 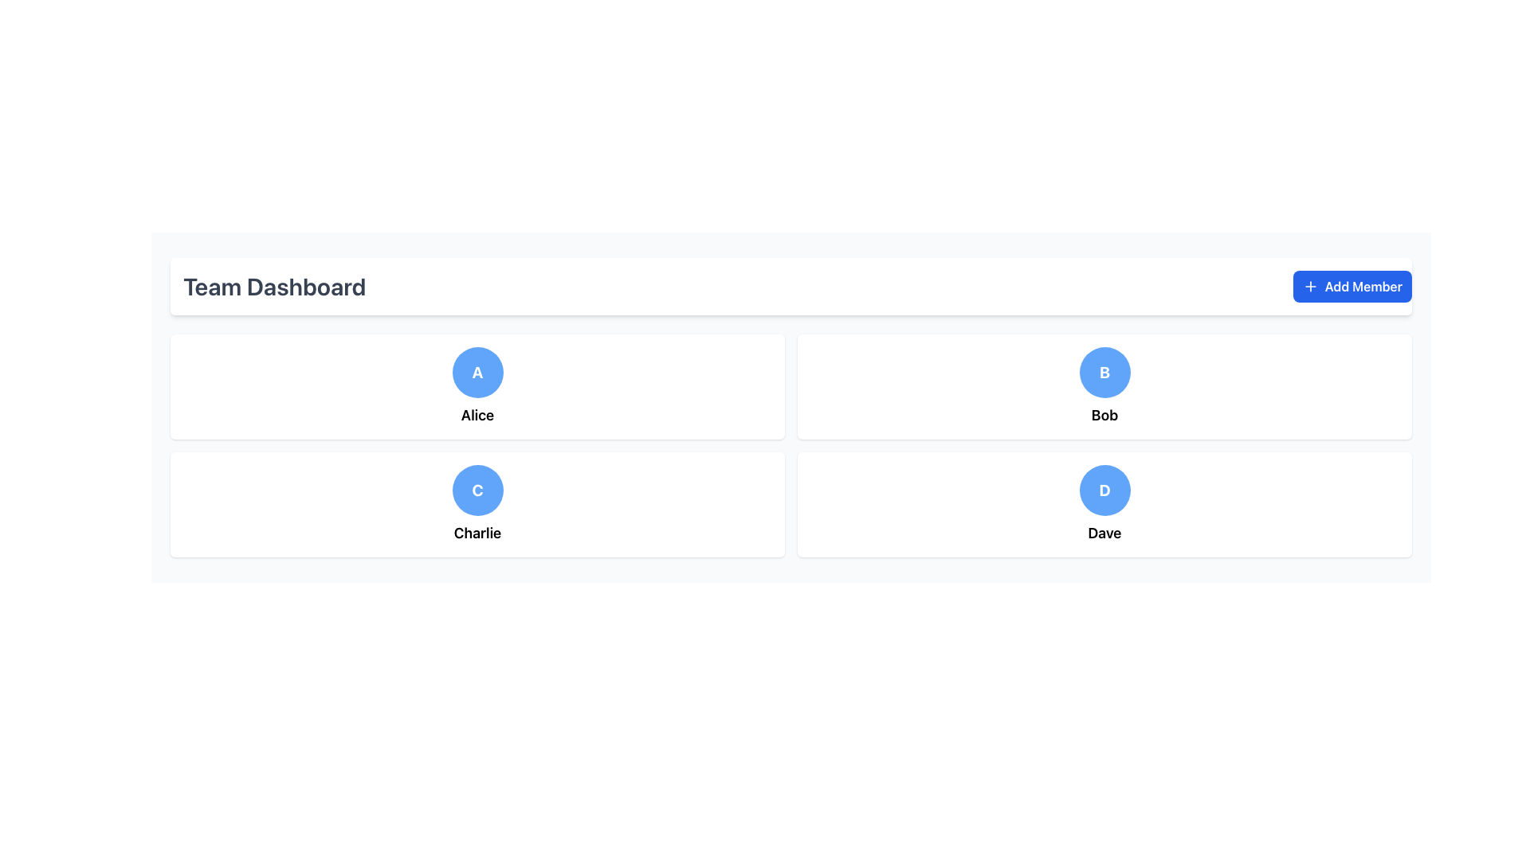 I want to click on text label displaying 'Alice', which is styled in bold and positioned below the blue circular icon labeled 'A', so click(x=477, y=414).